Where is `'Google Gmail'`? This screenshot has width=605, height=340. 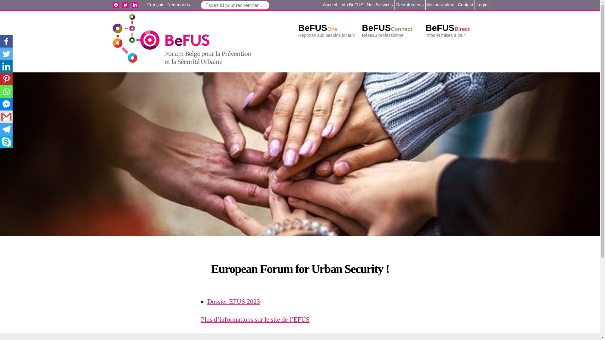
'Google Gmail' is located at coordinates (6, 116).